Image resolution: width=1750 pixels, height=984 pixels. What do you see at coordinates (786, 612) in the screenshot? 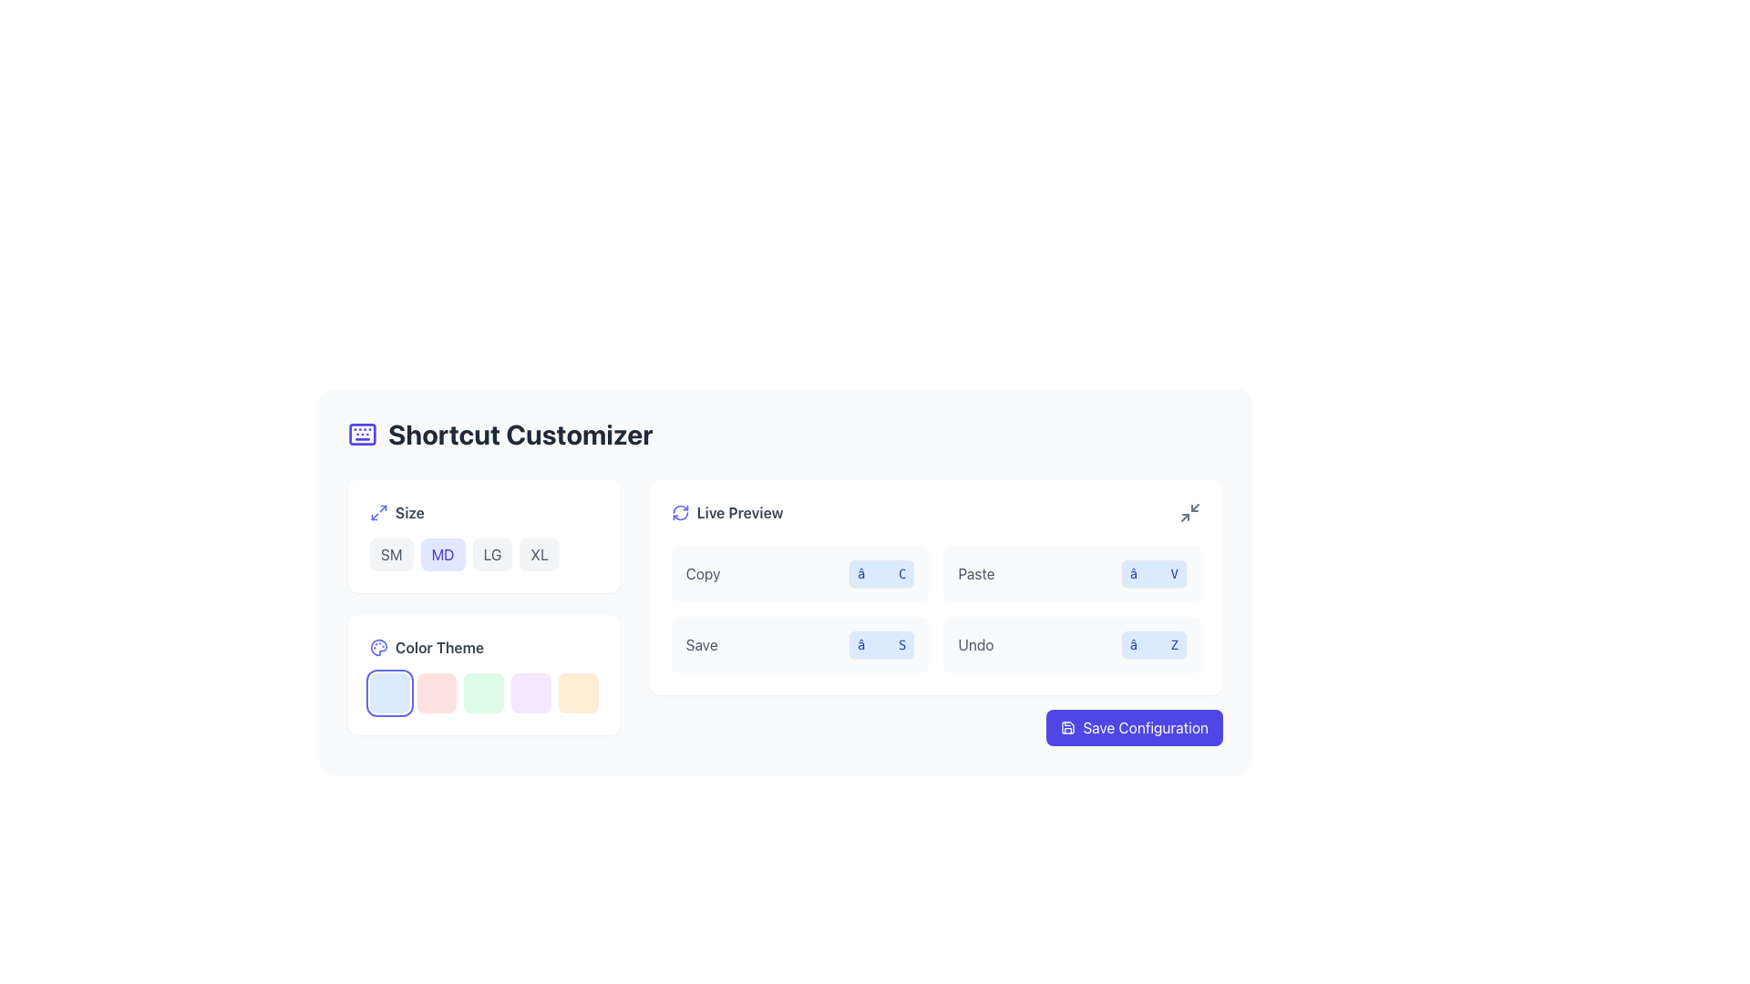
I see `the interactive buttons in the 'Shortcut Customizer' section, specifically located below the 'Live Preview' title` at bounding box center [786, 612].